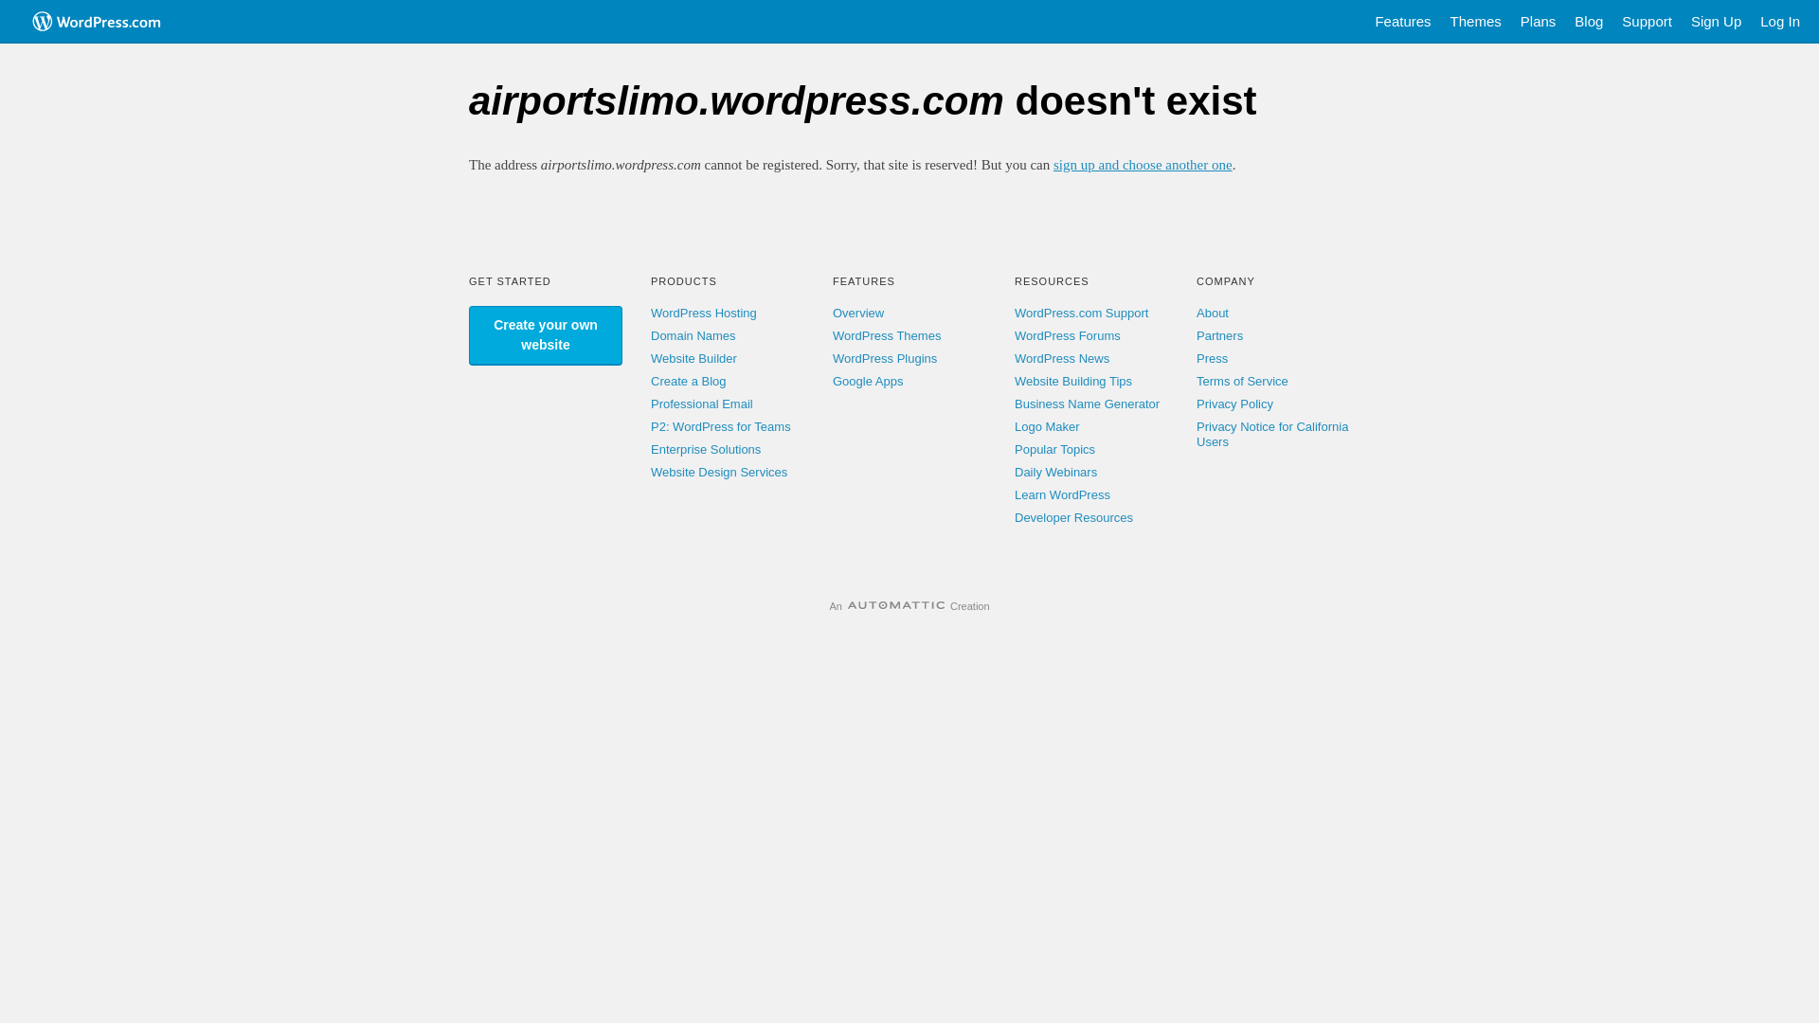 Image resolution: width=1819 pixels, height=1023 pixels. What do you see at coordinates (1716, 22) in the screenshot?
I see `'Sign Up'` at bounding box center [1716, 22].